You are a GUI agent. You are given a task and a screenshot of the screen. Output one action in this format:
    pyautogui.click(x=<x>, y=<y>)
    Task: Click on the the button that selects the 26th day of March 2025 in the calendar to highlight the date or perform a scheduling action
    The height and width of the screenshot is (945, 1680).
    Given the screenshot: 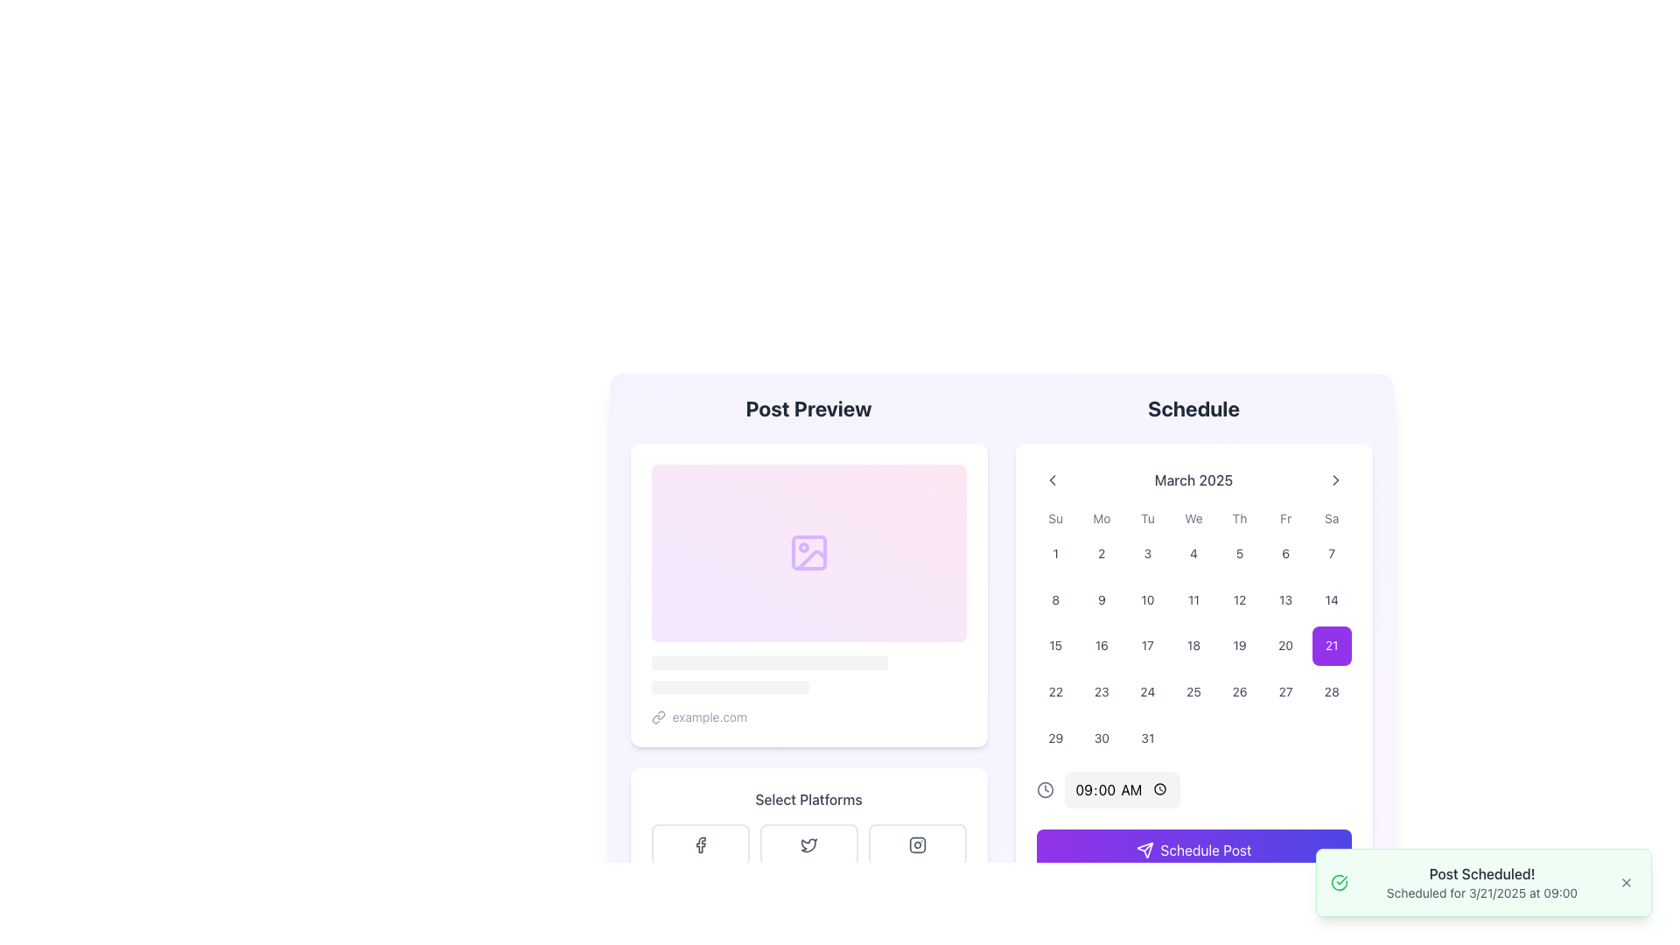 What is the action you would take?
    pyautogui.click(x=1239, y=690)
    